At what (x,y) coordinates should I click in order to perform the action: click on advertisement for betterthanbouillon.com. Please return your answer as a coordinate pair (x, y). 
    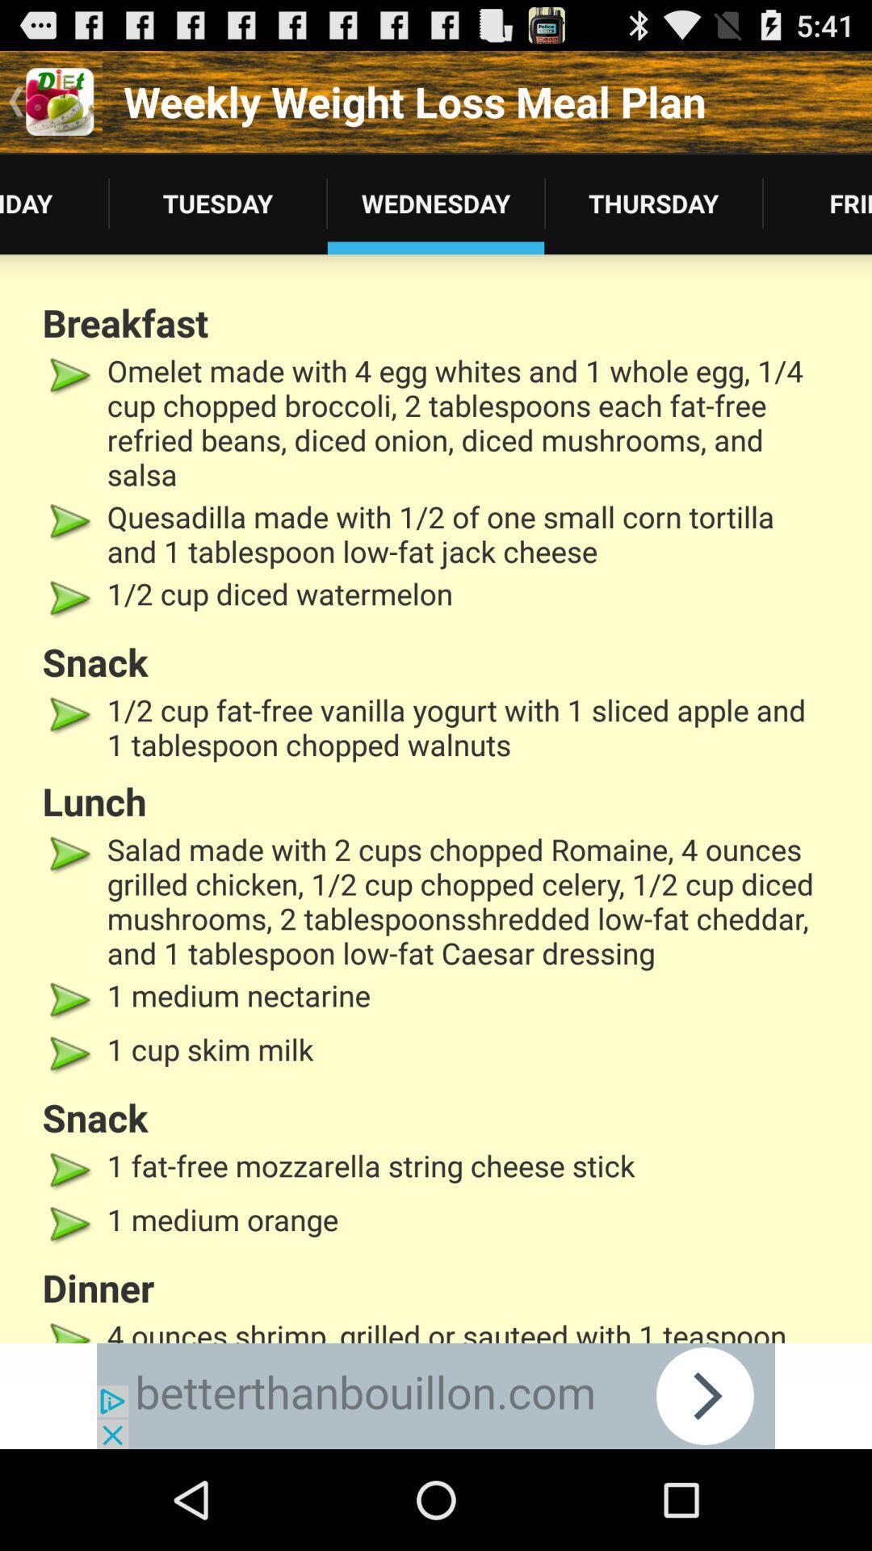
    Looking at the image, I should click on (436, 1395).